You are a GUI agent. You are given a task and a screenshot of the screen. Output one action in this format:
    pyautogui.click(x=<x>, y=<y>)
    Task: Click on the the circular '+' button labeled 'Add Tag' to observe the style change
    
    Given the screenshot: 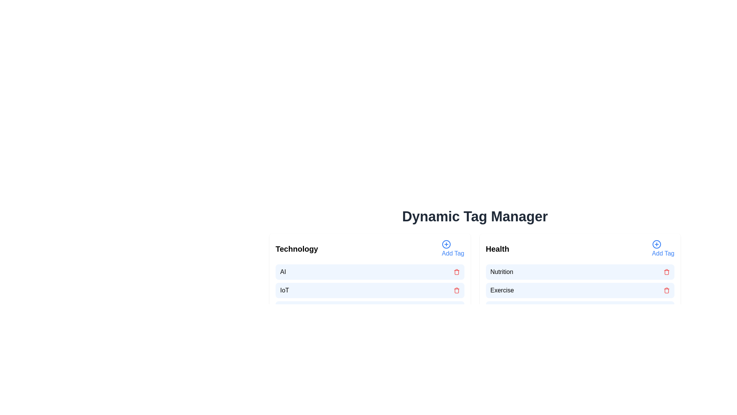 What is the action you would take?
    pyautogui.click(x=453, y=249)
    